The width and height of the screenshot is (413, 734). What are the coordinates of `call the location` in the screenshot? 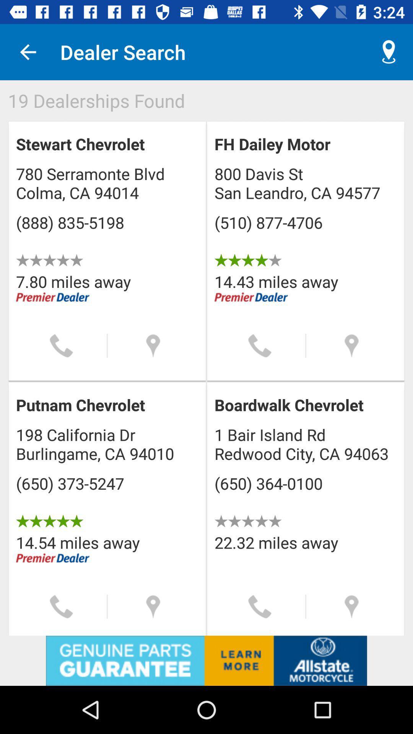 It's located at (259, 345).